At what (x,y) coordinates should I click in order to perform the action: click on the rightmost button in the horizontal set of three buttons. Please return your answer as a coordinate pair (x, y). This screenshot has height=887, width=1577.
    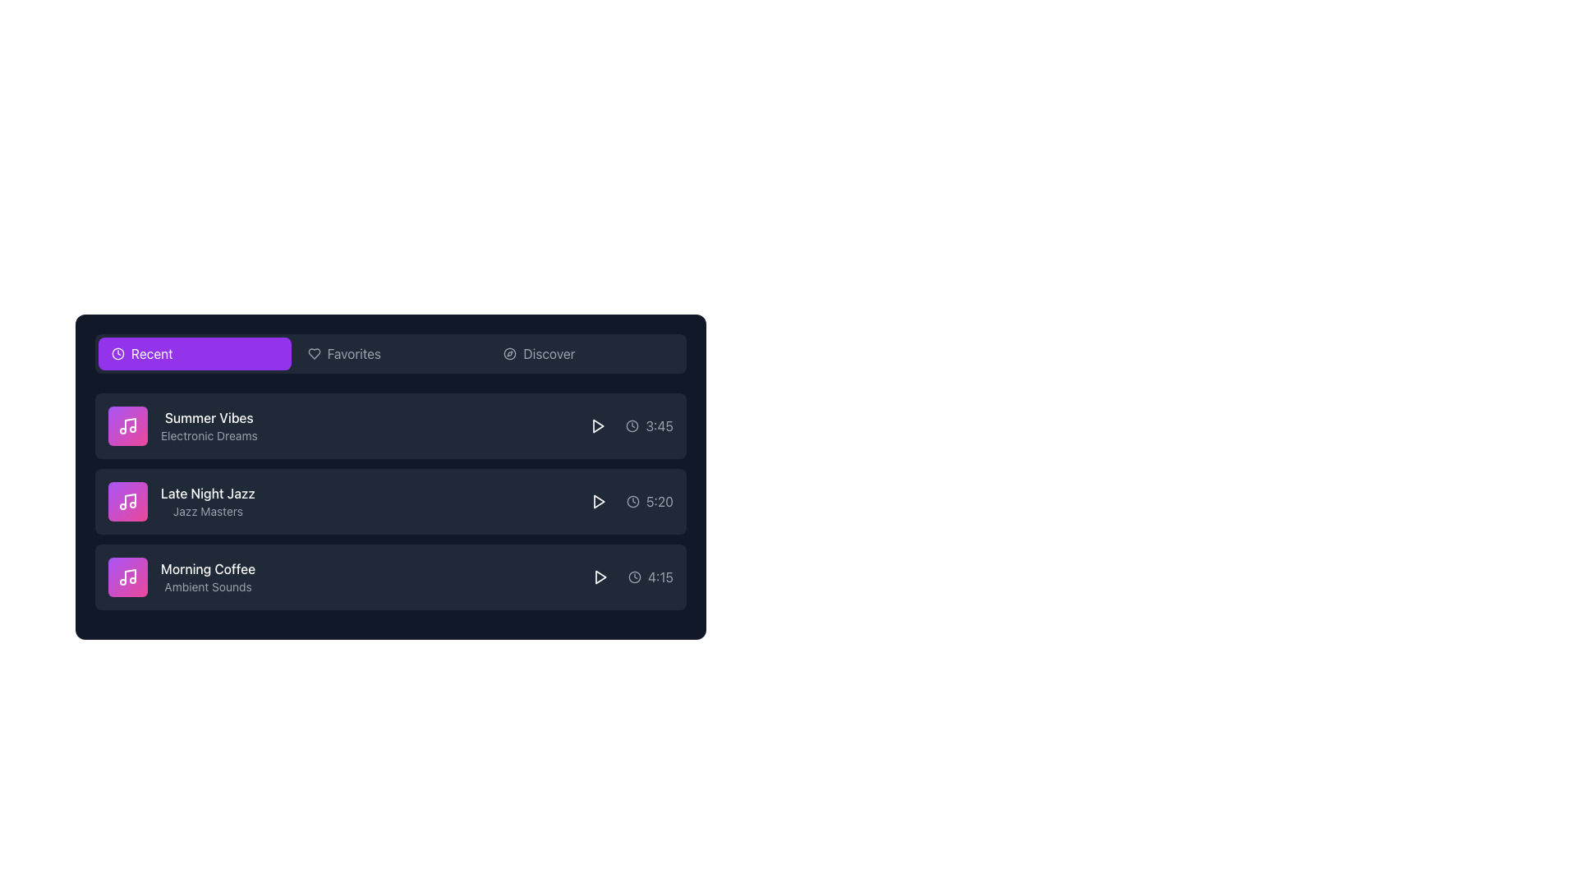
    Looking at the image, I should click on (586, 353).